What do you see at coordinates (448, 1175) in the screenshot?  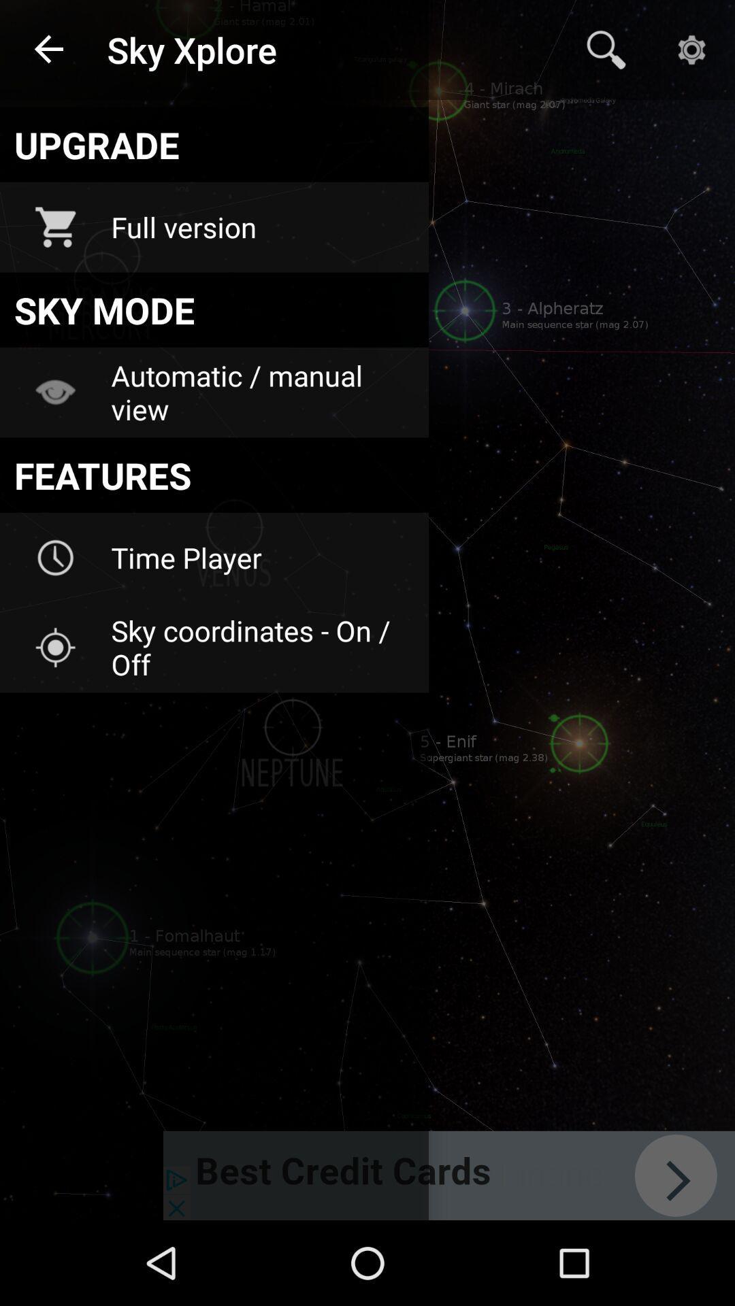 I see `item below the sky coordinates on icon` at bounding box center [448, 1175].